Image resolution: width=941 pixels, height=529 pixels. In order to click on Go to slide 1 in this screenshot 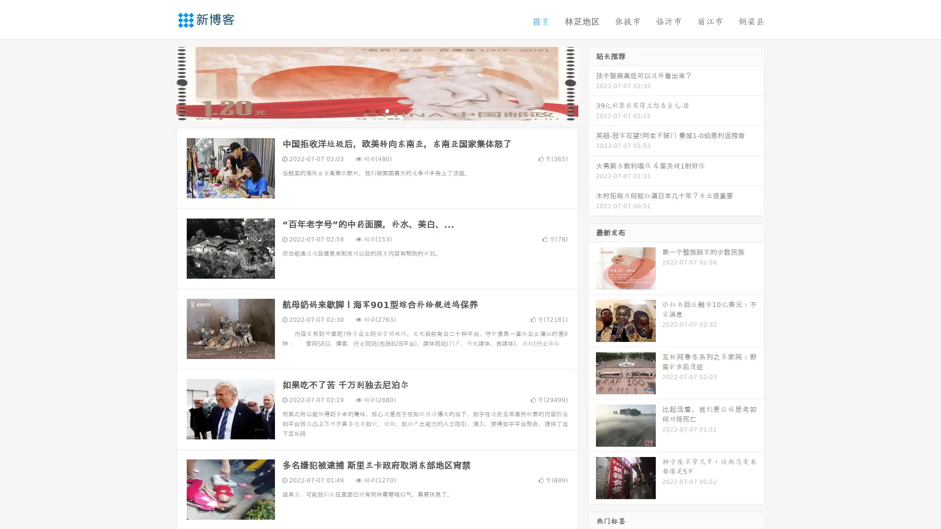, I will do `click(367, 110)`.